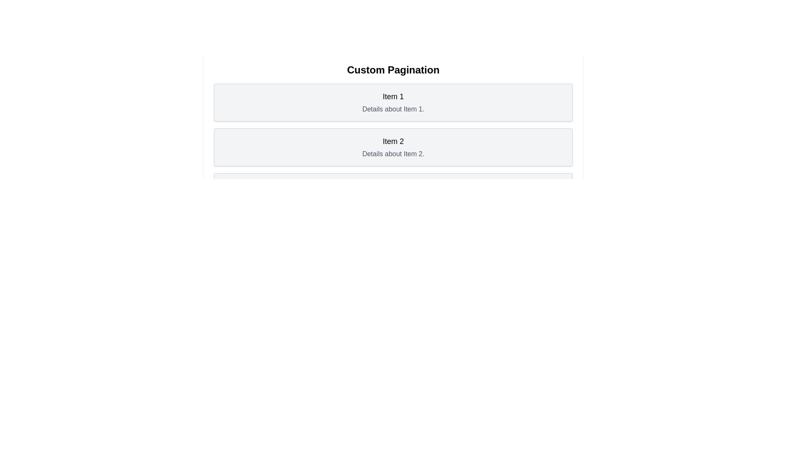 The height and width of the screenshot is (456, 812). Describe the element at coordinates (393, 154) in the screenshot. I see `the static text element stating 'Details about Item 2.' located below the title 'Item 2' in the vertical list of items` at that location.